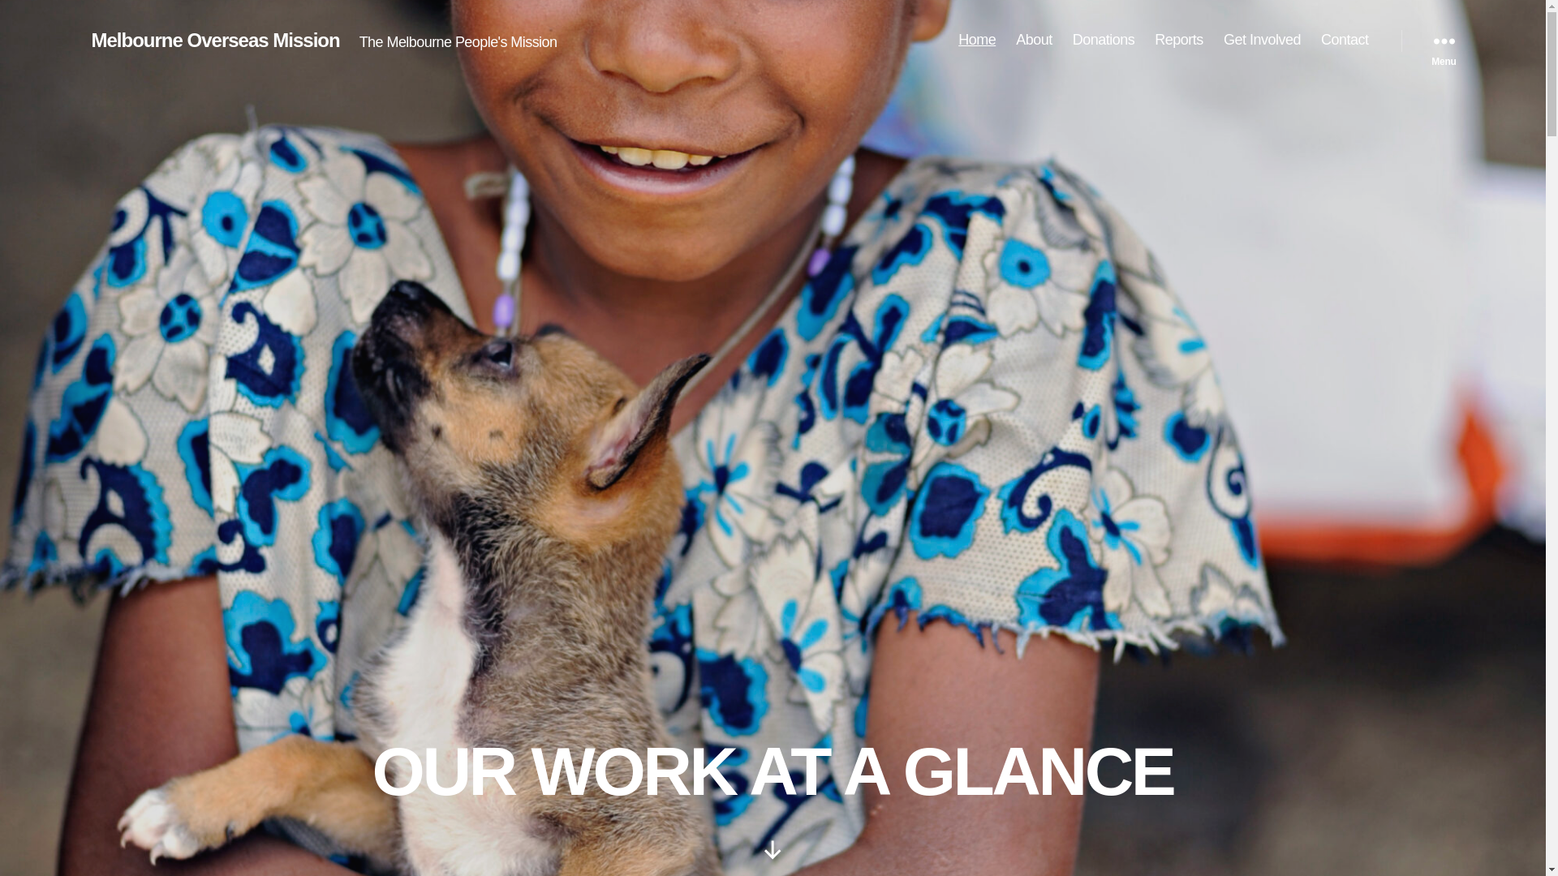 This screenshot has width=1558, height=876. What do you see at coordinates (1104, 40) in the screenshot?
I see `'Donations'` at bounding box center [1104, 40].